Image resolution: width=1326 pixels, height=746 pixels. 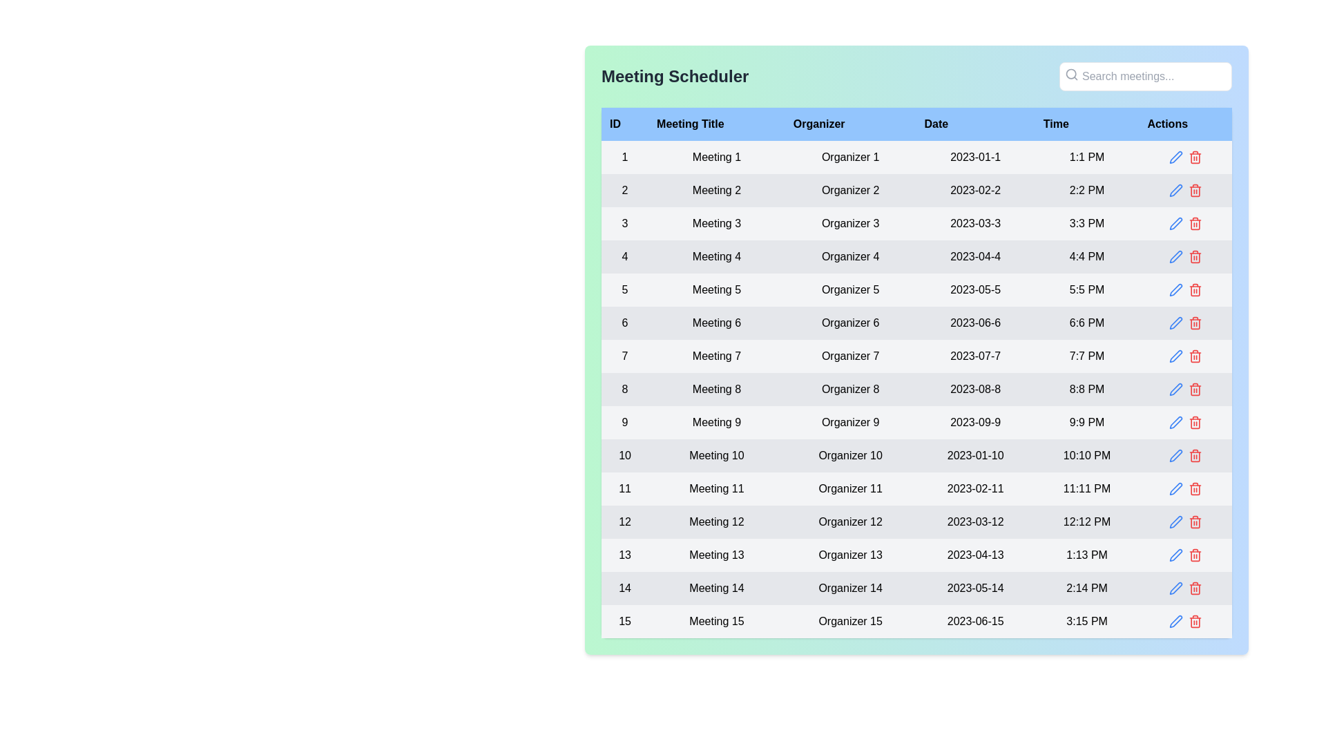 What do you see at coordinates (716, 389) in the screenshot?
I see `the static text label displaying 'Meeting 8' in the table cell, located in the row labeled '8' under the 'Meeting Title' column` at bounding box center [716, 389].